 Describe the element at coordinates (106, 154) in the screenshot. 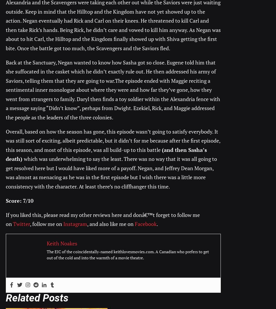

I see `'(and then Sasha’s death)'` at that location.